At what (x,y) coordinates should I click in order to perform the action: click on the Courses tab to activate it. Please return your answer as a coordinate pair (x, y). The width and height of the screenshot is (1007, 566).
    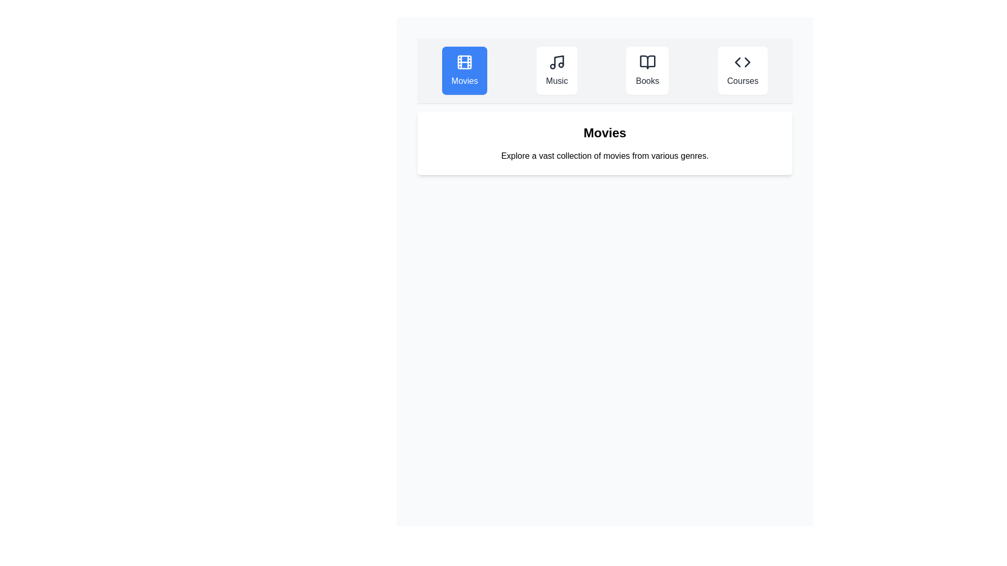
    Looking at the image, I should click on (742, 71).